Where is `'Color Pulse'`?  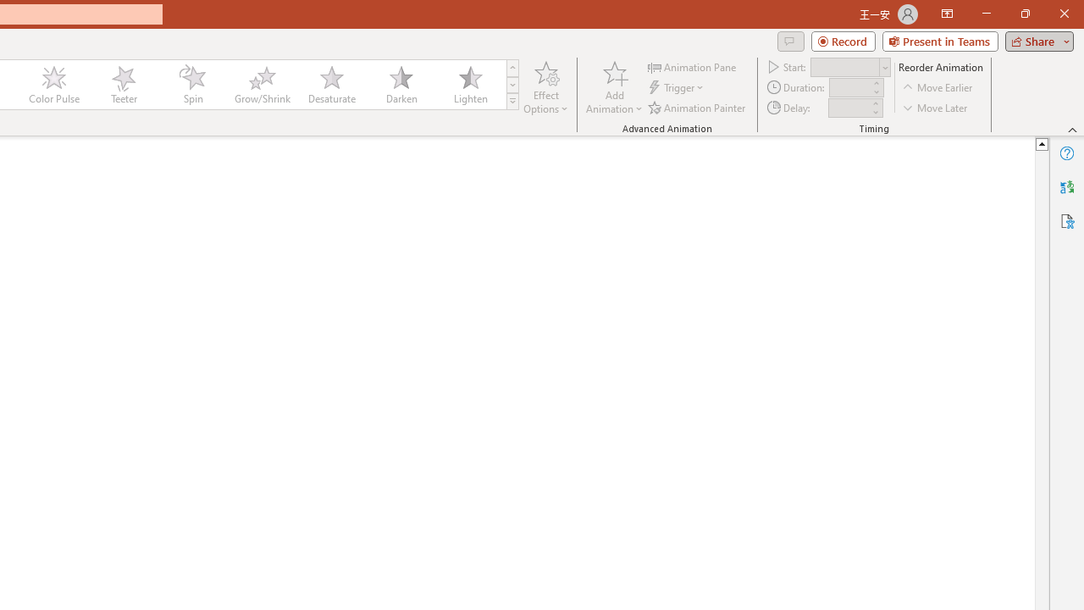 'Color Pulse' is located at coordinates (54, 85).